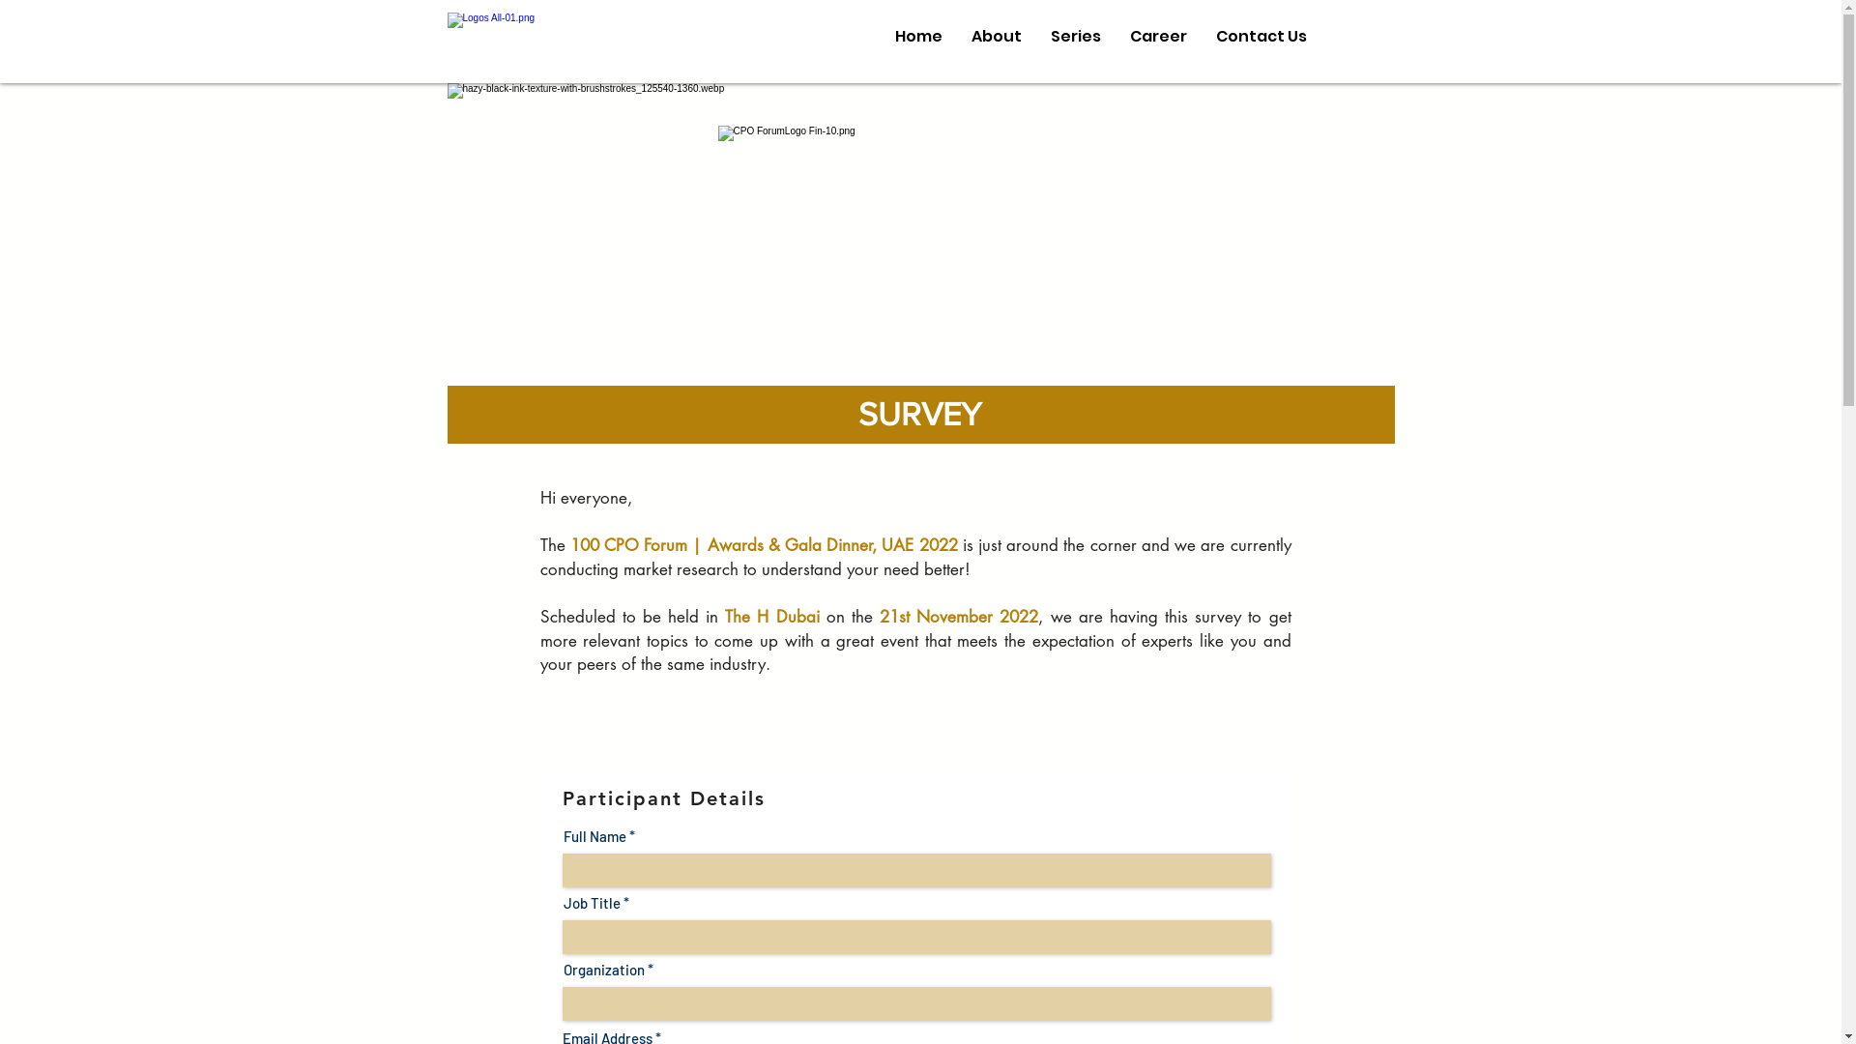 The height and width of the screenshot is (1044, 1856). Describe the element at coordinates (445, 37) in the screenshot. I see `'3novex logo W-02.png'` at that location.